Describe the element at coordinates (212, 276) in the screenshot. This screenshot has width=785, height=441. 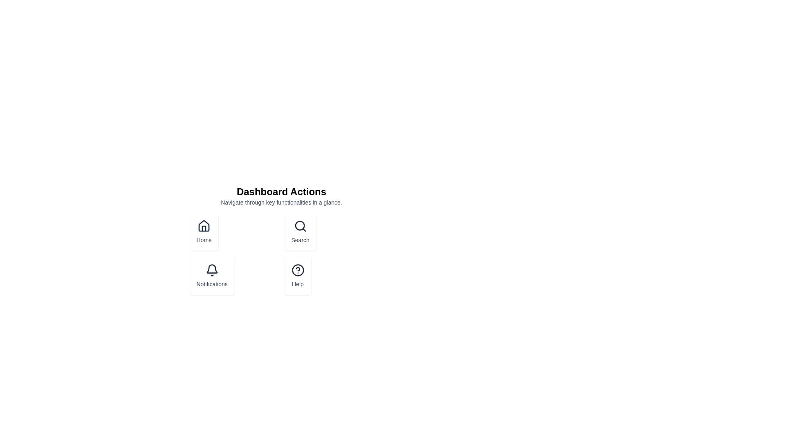
I see `the notifications button` at that location.